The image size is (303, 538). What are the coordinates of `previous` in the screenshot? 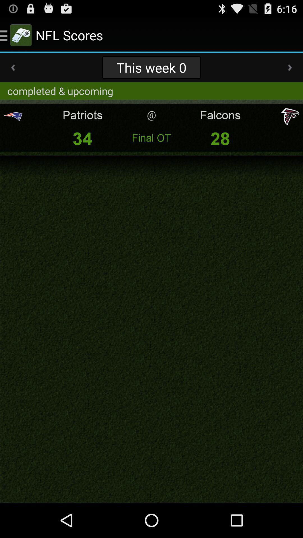 It's located at (13, 67).